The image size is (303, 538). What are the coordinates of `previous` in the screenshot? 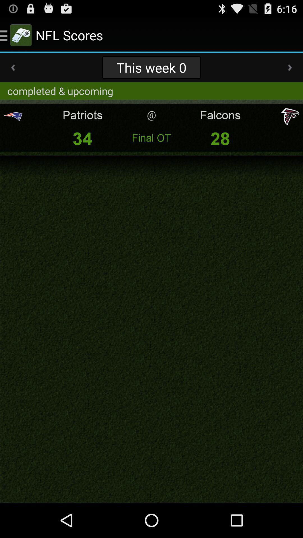 It's located at (13, 67).